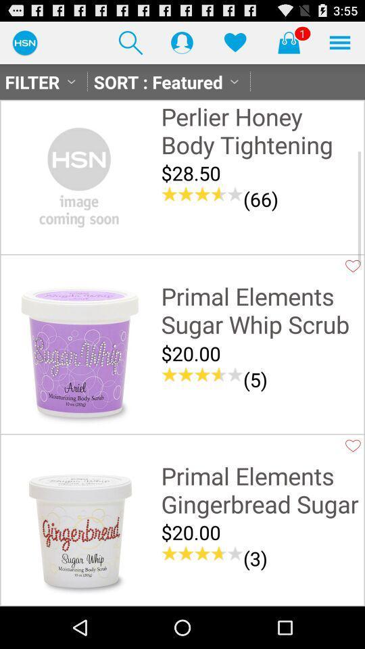 This screenshot has width=365, height=649. What do you see at coordinates (261, 130) in the screenshot?
I see `perlier honey body` at bounding box center [261, 130].